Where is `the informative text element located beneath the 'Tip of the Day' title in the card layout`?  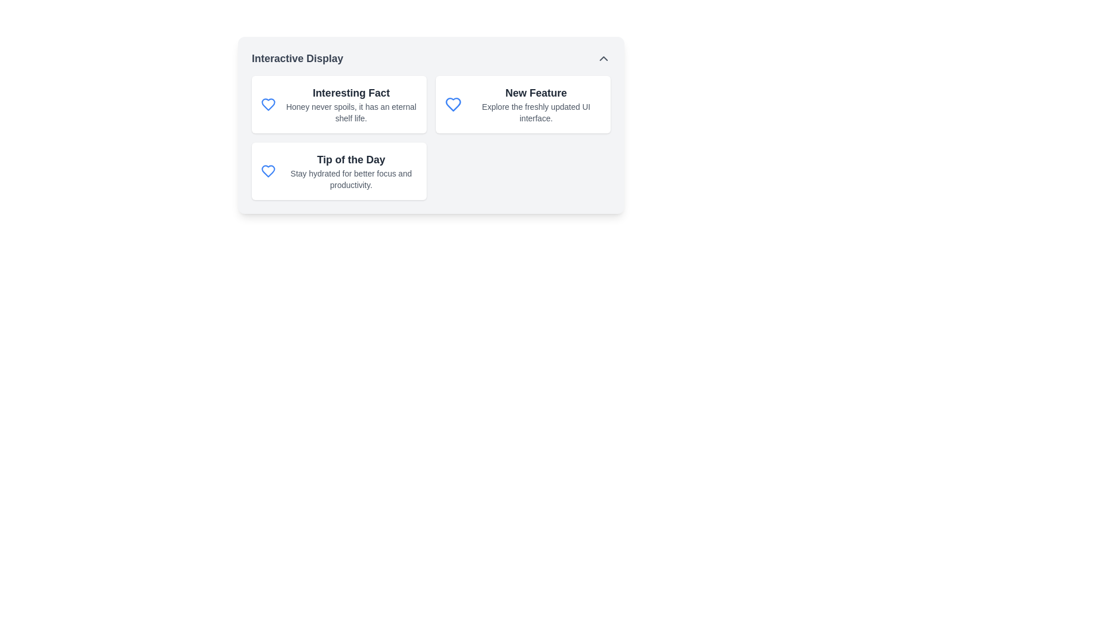 the informative text element located beneath the 'Tip of the Day' title in the card layout is located at coordinates (350, 179).